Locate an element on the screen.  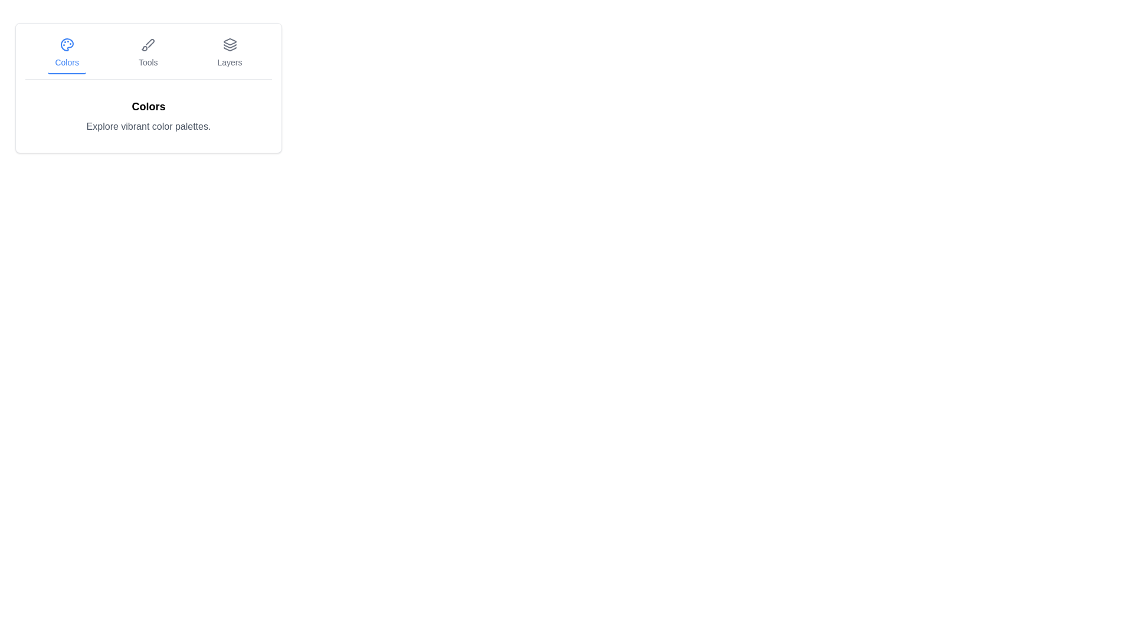
the tab labeled Tools by clicking its button is located at coordinates (148, 54).